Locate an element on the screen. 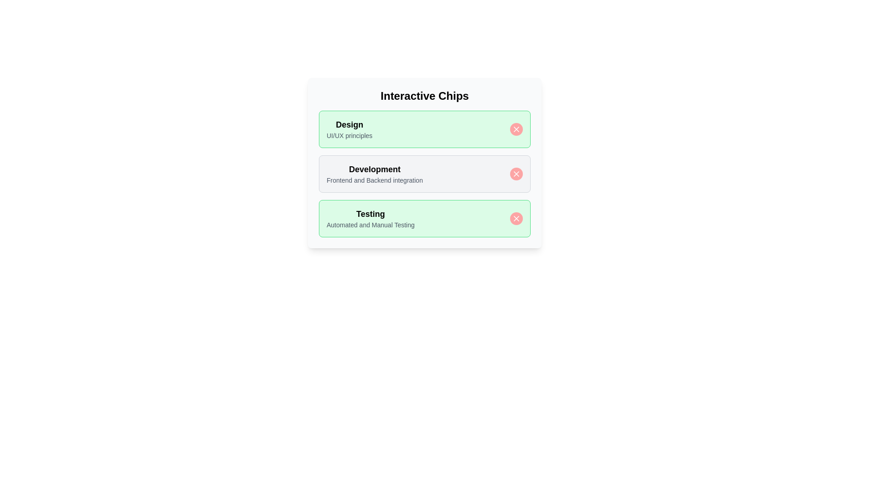  close button of the chip labeled Development is located at coordinates (516, 174).